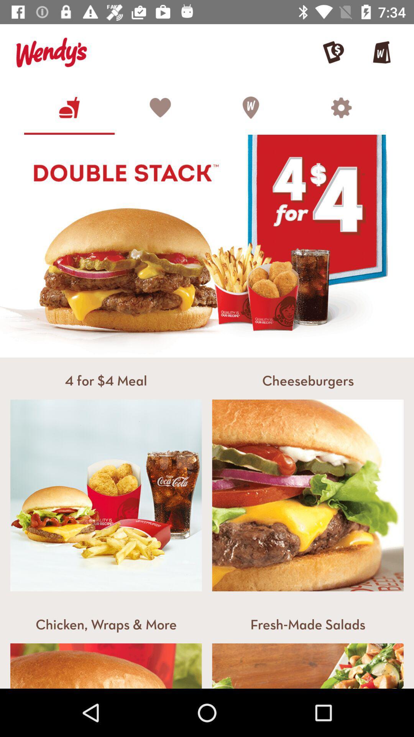 The height and width of the screenshot is (737, 414). I want to click on the image which says double stack, so click(207, 246).